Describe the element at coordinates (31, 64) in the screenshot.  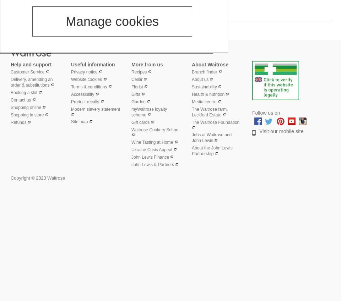
I see `'Help and support'` at that location.